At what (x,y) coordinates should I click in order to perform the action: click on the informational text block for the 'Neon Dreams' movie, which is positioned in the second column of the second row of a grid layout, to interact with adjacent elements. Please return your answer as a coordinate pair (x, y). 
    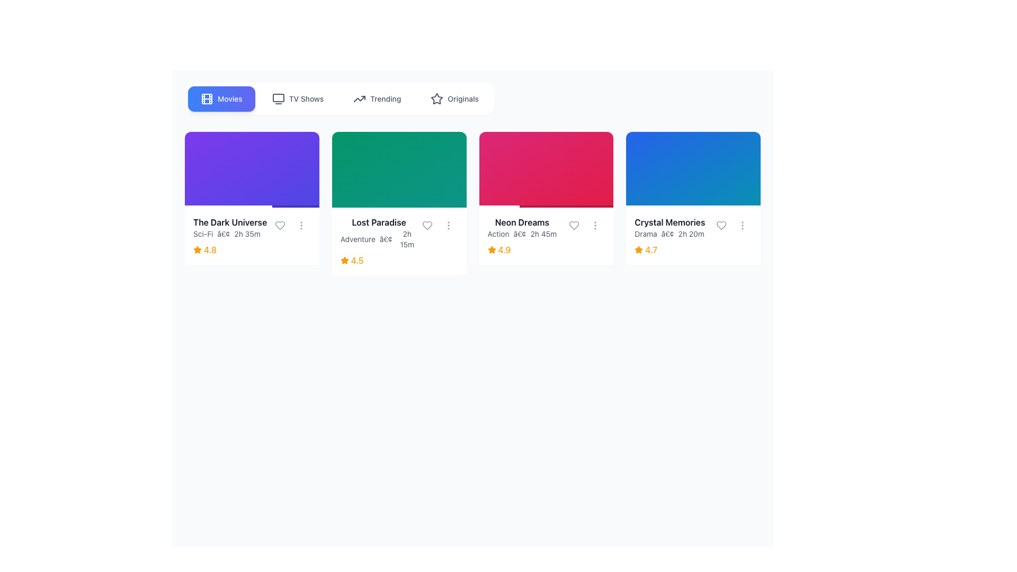
    Looking at the image, I should click on (546, 227).